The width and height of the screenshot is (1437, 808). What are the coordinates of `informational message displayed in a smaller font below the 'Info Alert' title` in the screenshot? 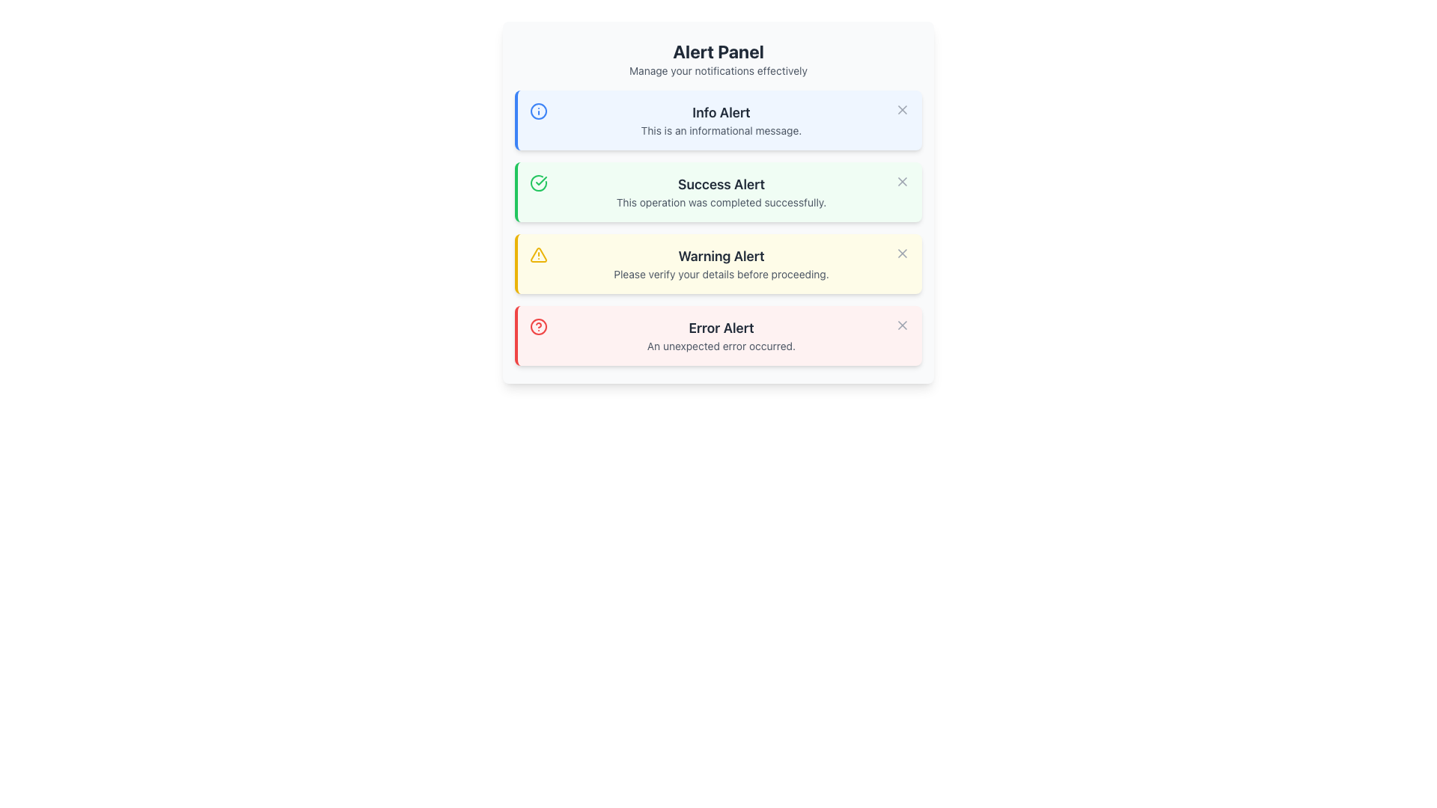 It's located at (721, 129).